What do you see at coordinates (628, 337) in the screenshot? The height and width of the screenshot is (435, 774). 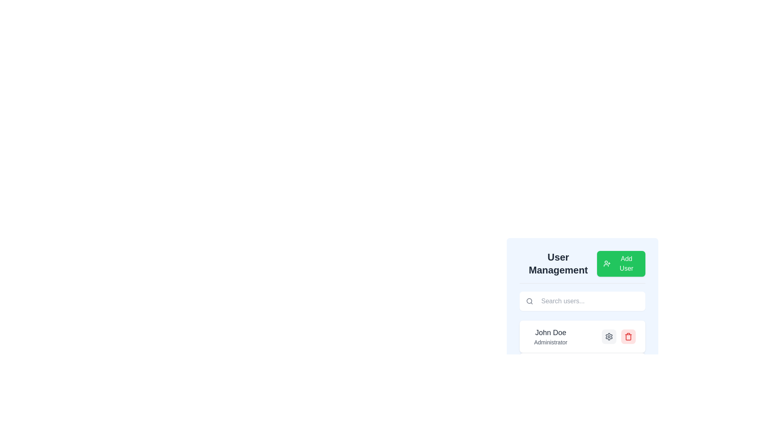 I see `the delete icon button located in the bottom-right corner of the user entry for 'John Doe'` at bounding box center [628, 337].